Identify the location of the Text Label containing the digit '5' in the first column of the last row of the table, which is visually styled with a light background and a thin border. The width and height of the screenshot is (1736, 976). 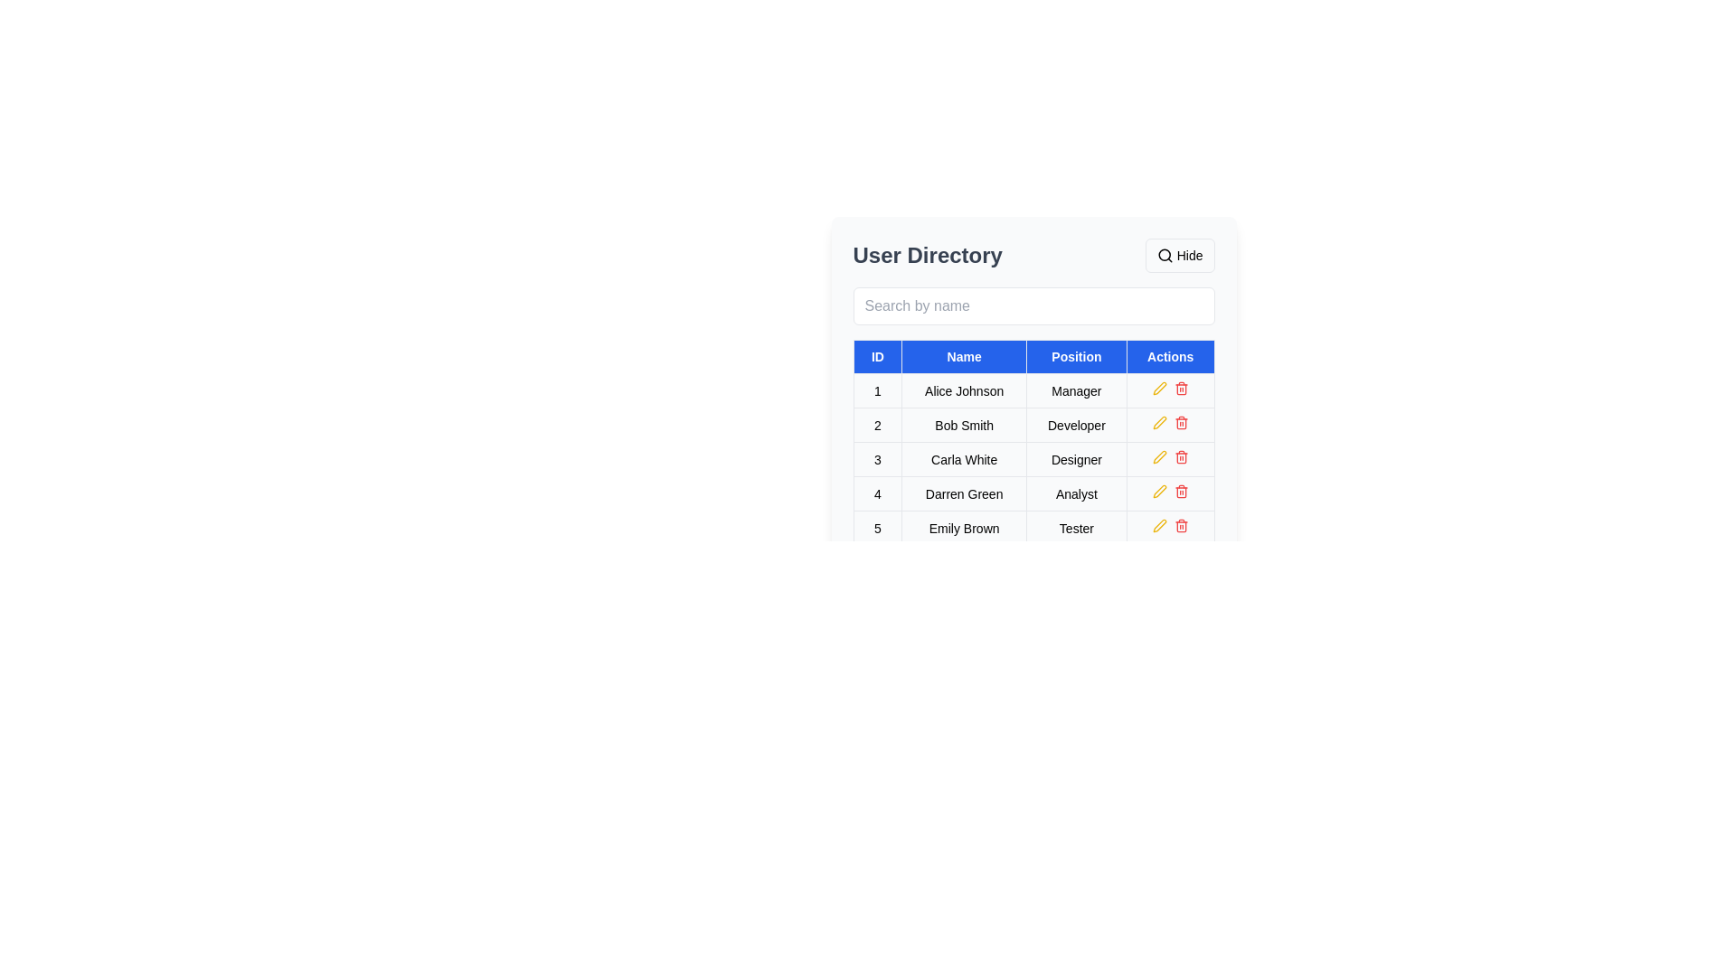
(877, 528).